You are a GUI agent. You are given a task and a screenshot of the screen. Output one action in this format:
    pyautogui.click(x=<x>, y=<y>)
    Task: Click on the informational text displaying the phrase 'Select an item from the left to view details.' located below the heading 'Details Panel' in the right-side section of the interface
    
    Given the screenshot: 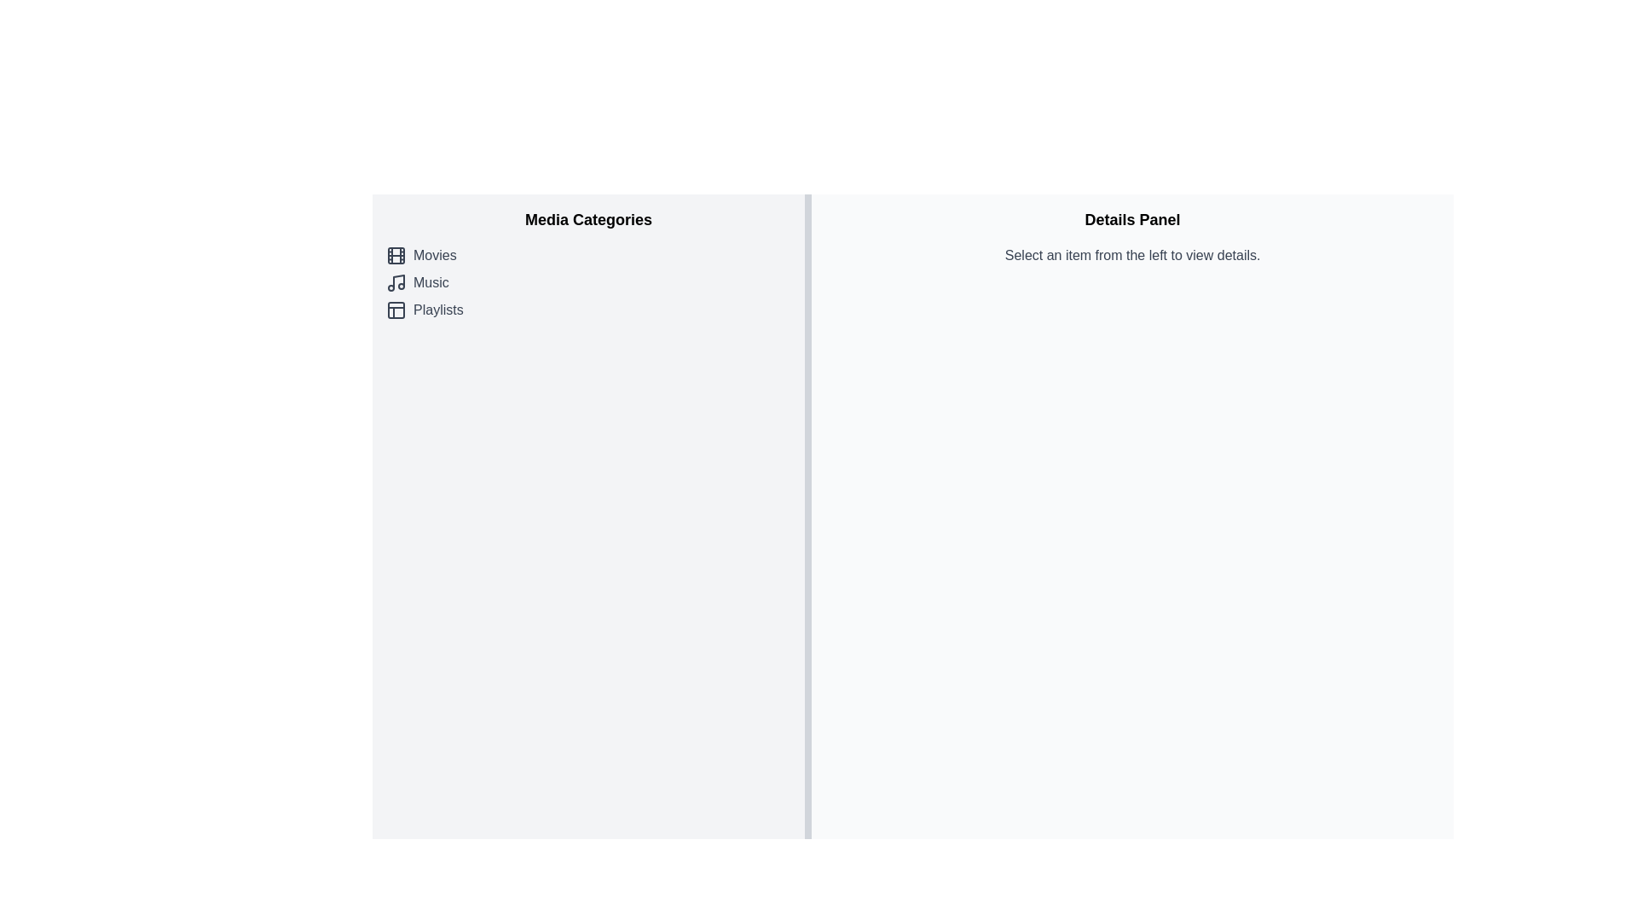 What is the action you would take?
    pyautogui.click(x=1132, y=256)
    